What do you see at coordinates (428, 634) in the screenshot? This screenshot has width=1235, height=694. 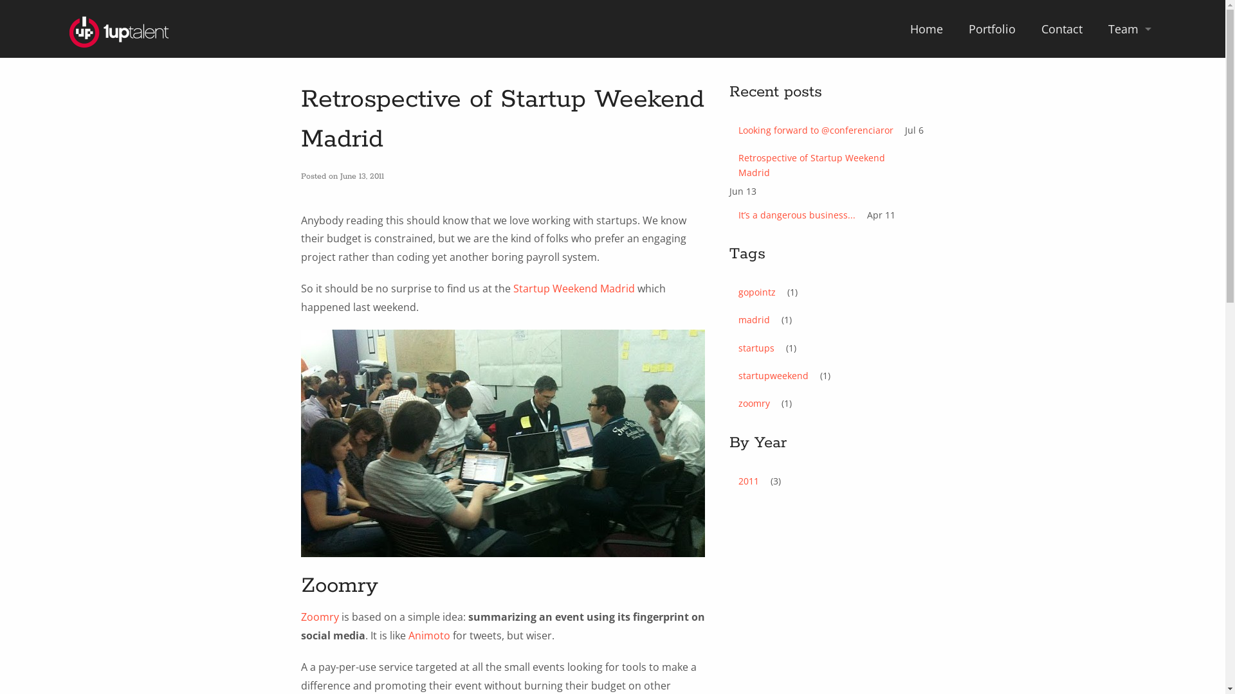 I see `'Animoto'` at bounding box center [428, 634].